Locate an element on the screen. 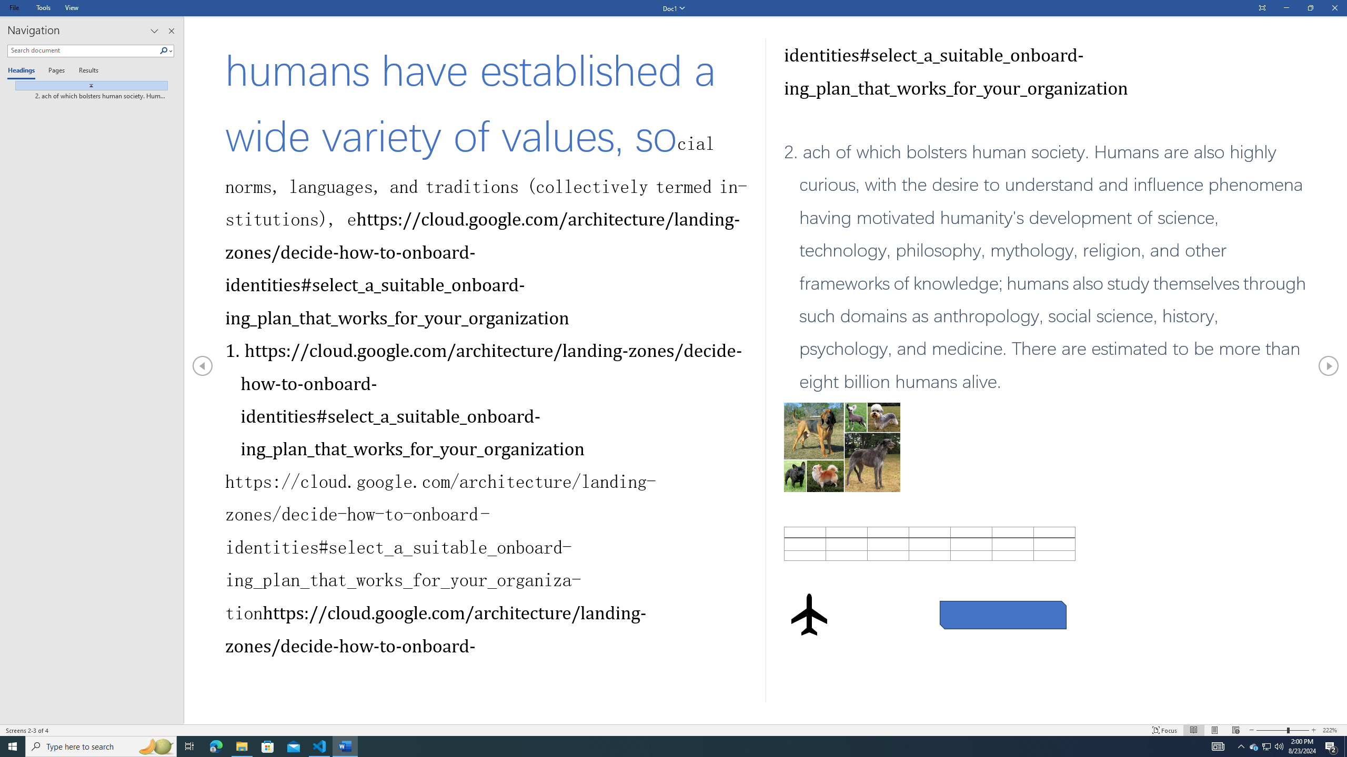 This screenshot has height=757, width=1347. 'Tools' is located at coordinates (43, 7).